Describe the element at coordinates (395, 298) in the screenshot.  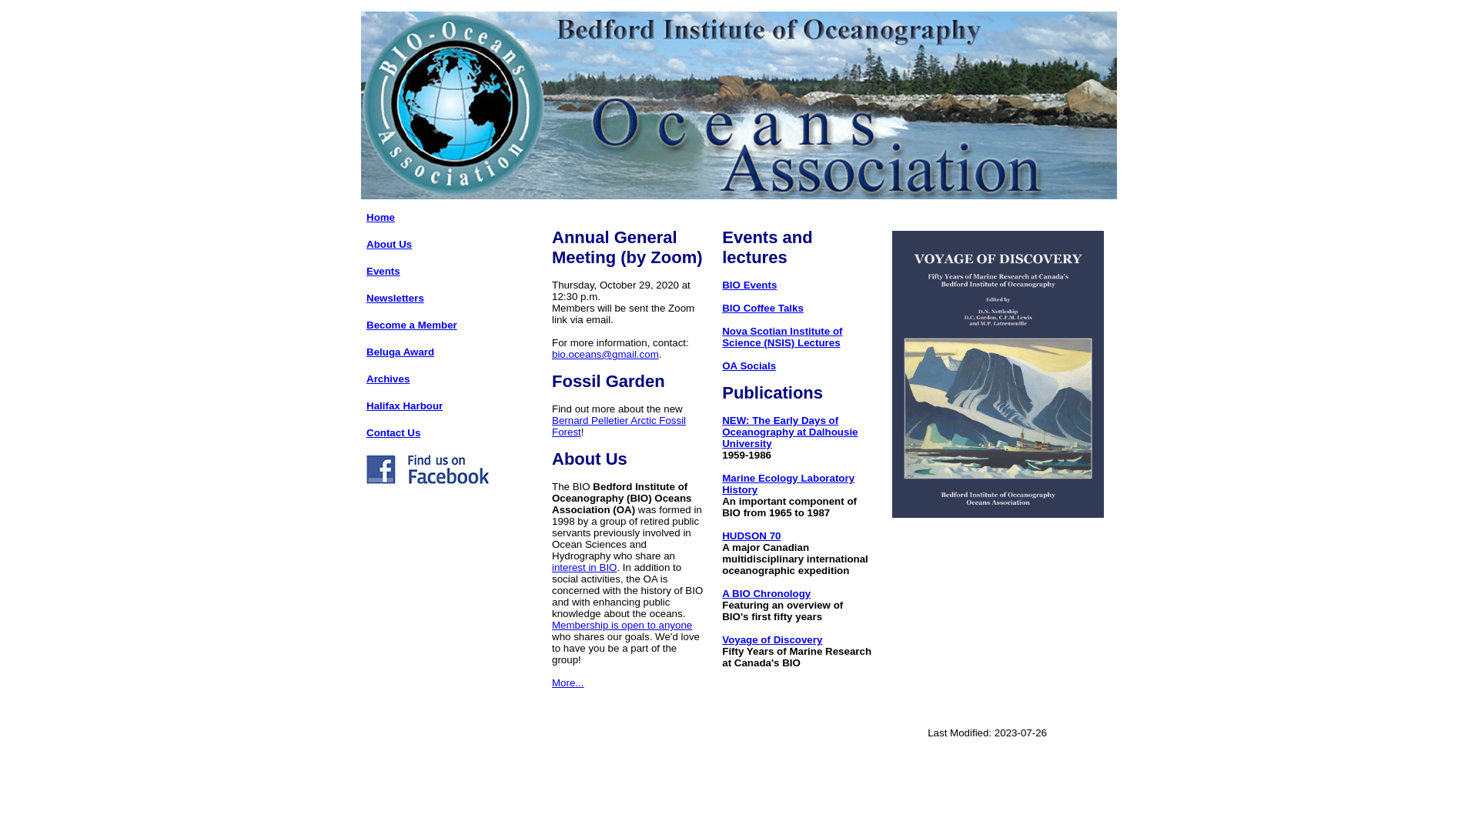
I see `'Newsletters'` at that location.